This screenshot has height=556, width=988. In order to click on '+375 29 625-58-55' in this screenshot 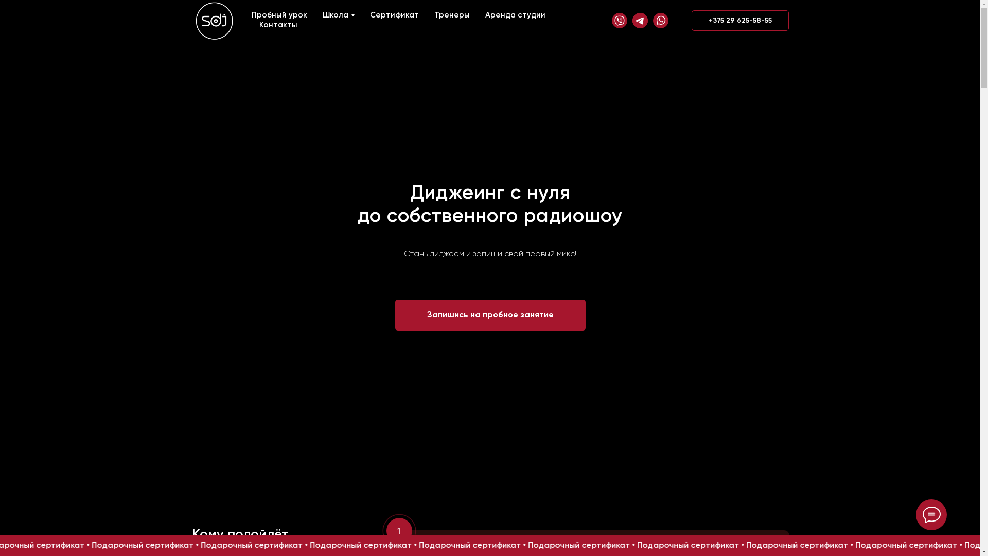, I will do `click(739, 20)`.